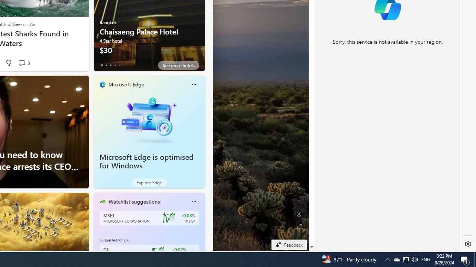 The width and height of the screenshot is (476, 267). What do you see at coordinates (149, 182) in the screenshot?
I see `'Explore Edge'` at bounding box center [149, 182].